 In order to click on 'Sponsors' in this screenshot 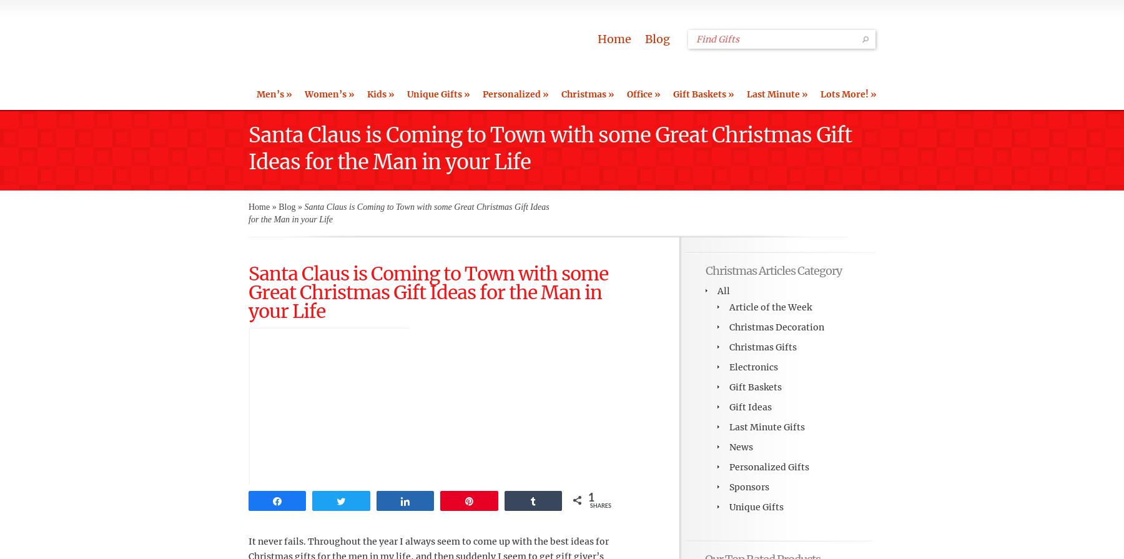, I will do `click(749, 486)`.